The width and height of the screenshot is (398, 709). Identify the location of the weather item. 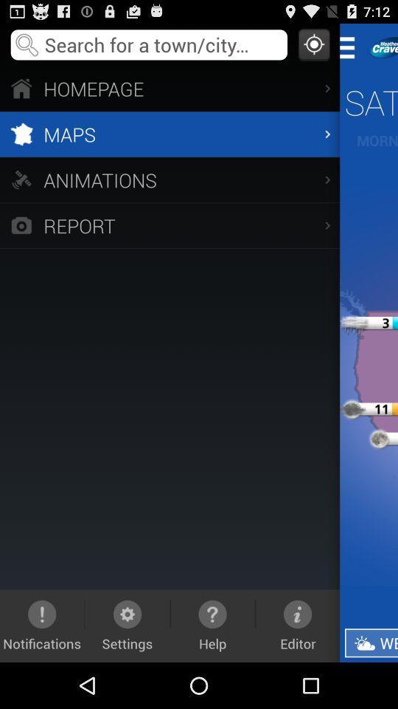
(370, 642).